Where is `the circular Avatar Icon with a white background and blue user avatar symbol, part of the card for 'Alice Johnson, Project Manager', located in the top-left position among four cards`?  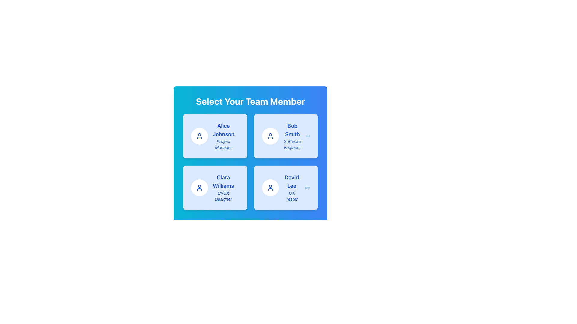
the circular Avatar Icon with a white background and blue user avatar symbol, part of the card for 'Alice Johnson, Project Manager', located in the top-left position among four cards is located at coordinates (199, 136).